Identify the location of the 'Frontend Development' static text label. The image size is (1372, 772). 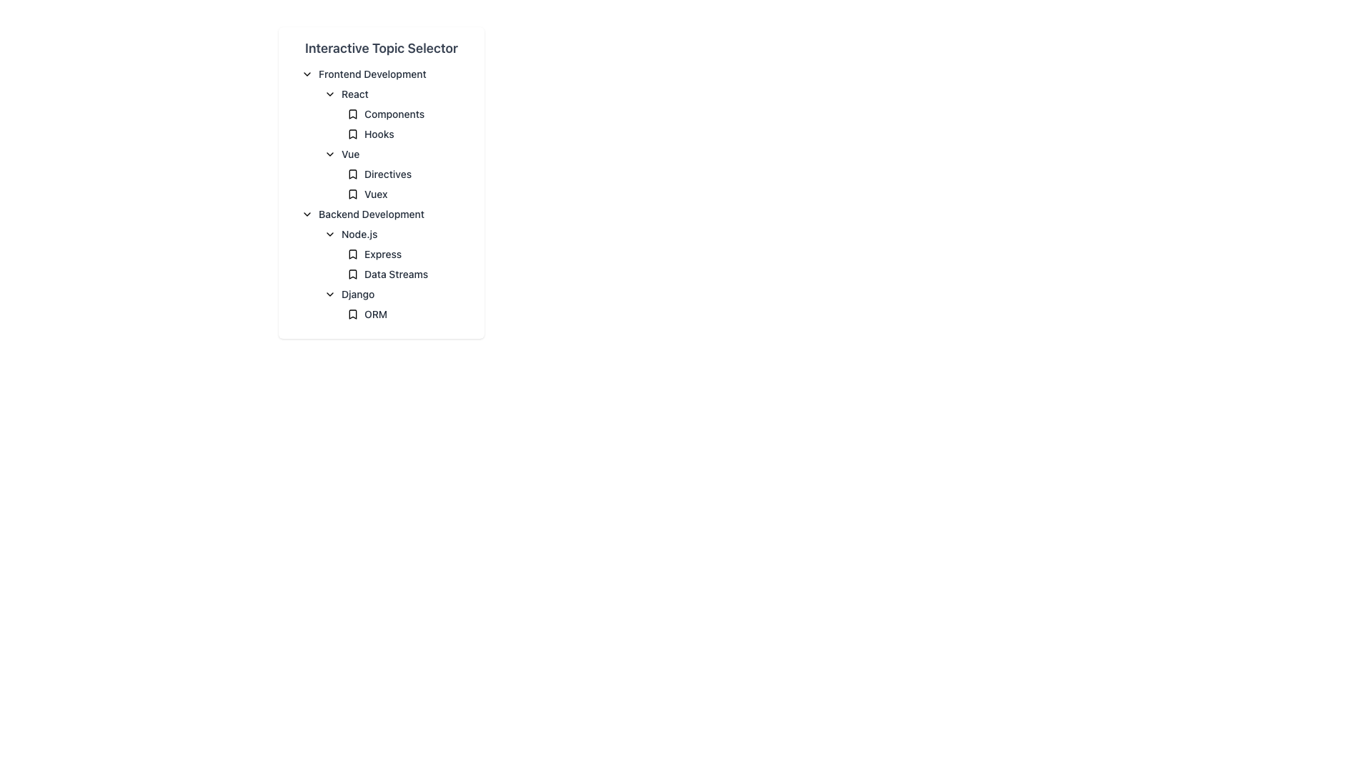
(372, 74).